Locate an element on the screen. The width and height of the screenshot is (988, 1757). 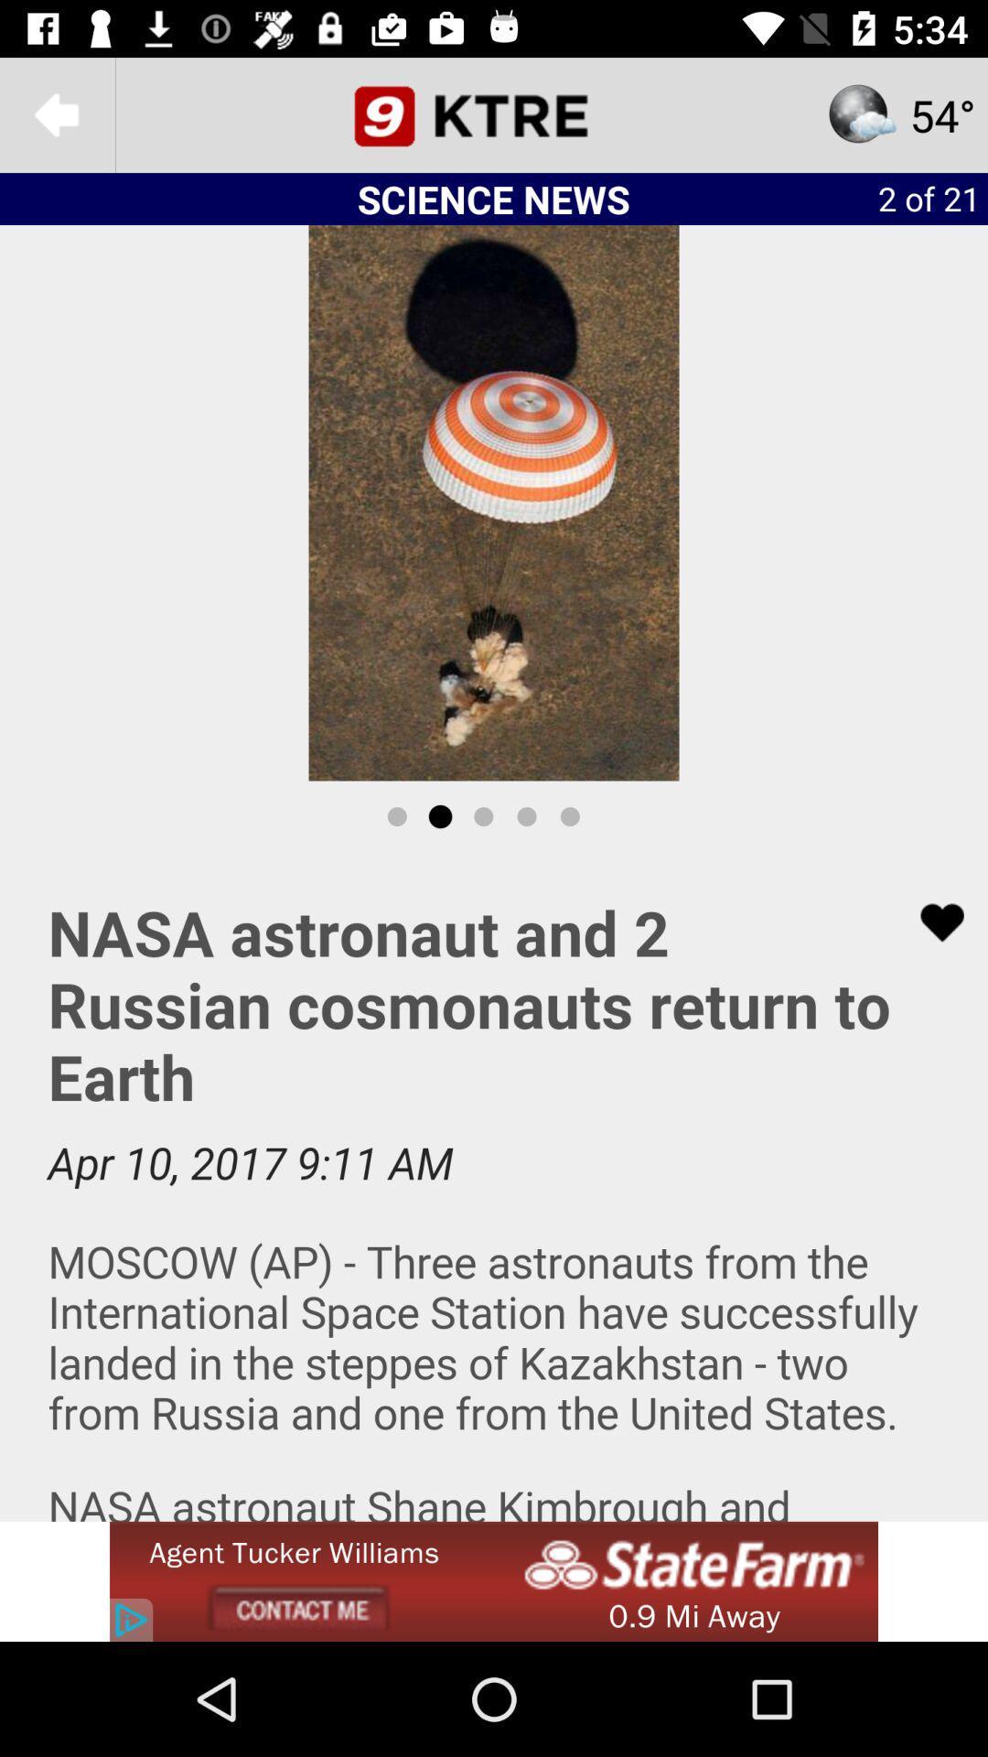
advertisement page is located at coordinates (494, 1187).